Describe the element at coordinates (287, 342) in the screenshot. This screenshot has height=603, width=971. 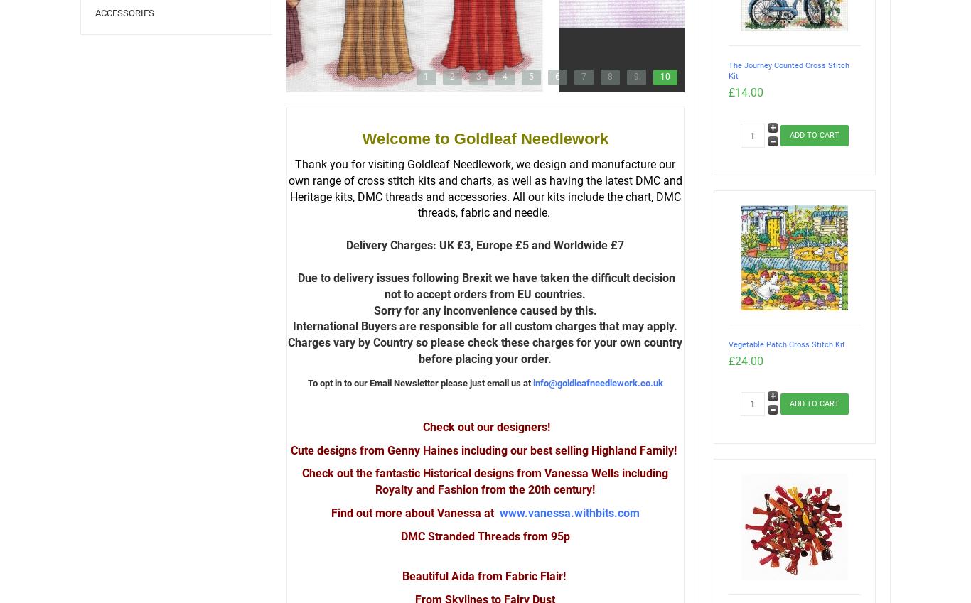
I see `'International Buyers are responsible for all custom charges that may apply. Charges vary by Country so please check these charges for your own country before placing your order.'` at that location.